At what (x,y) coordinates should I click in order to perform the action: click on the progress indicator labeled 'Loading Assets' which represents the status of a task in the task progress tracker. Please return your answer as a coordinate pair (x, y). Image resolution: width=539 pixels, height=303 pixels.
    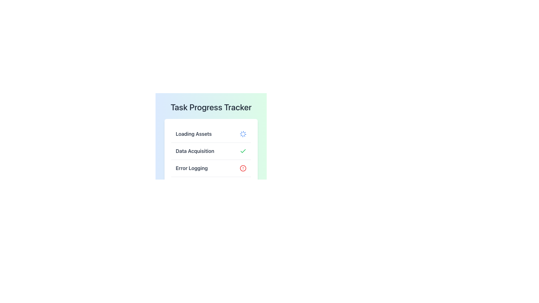
    Looking at the image, I should click on (211, 133).